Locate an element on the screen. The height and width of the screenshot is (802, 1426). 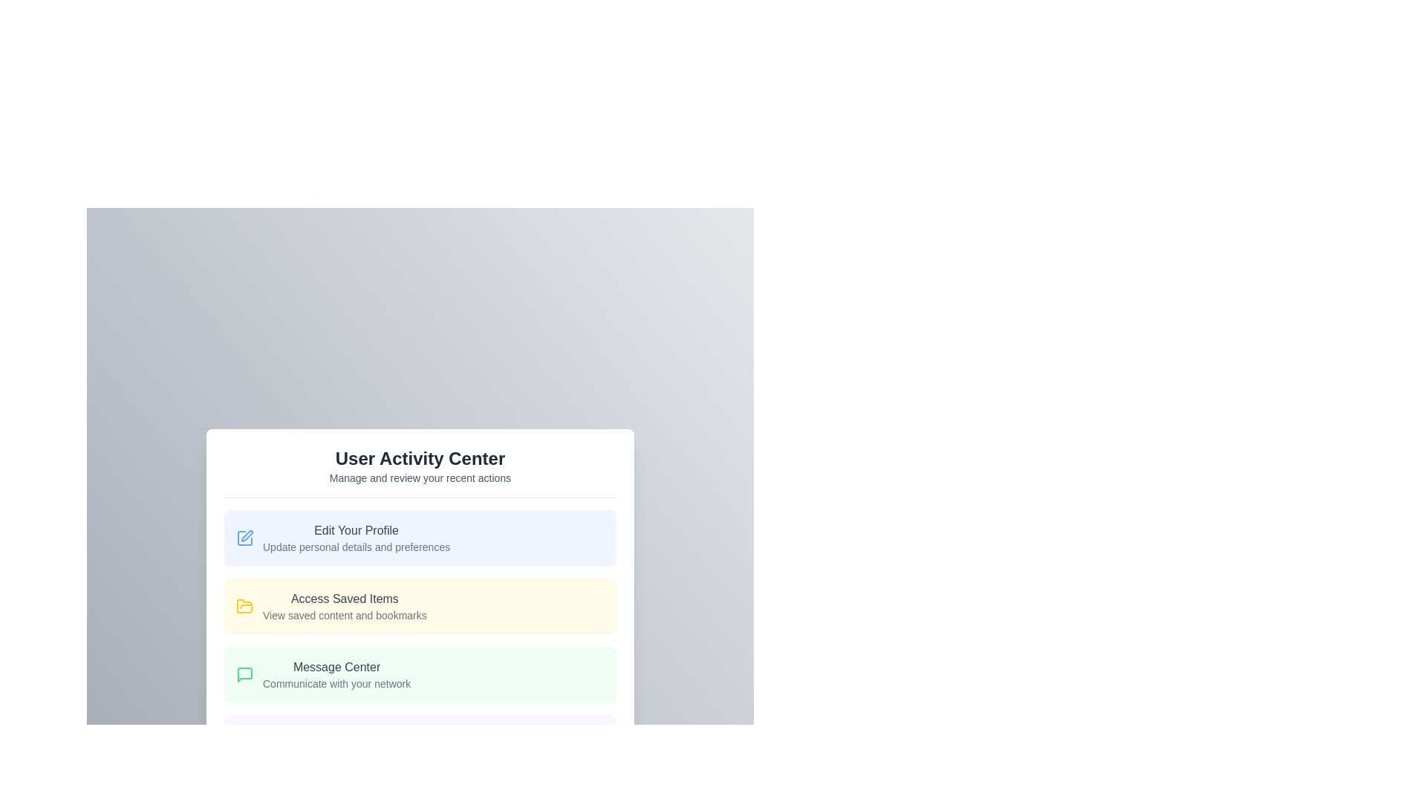
the message-related icon located to the left of the 'Message Center' text in the 'User Activity Center' card interface to indicate interaction is located at coordinates (245, 674).